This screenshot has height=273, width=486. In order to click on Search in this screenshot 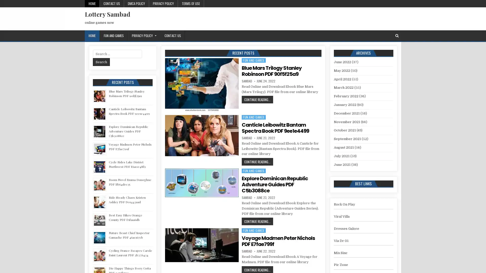, I will do `click(101, 62)`.